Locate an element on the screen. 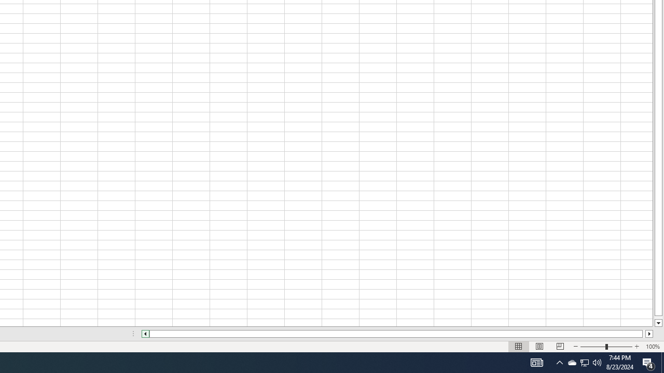 The height and width of the screenshot is (373, 664). 'Zoom In' is located at coordinates (636, 347).